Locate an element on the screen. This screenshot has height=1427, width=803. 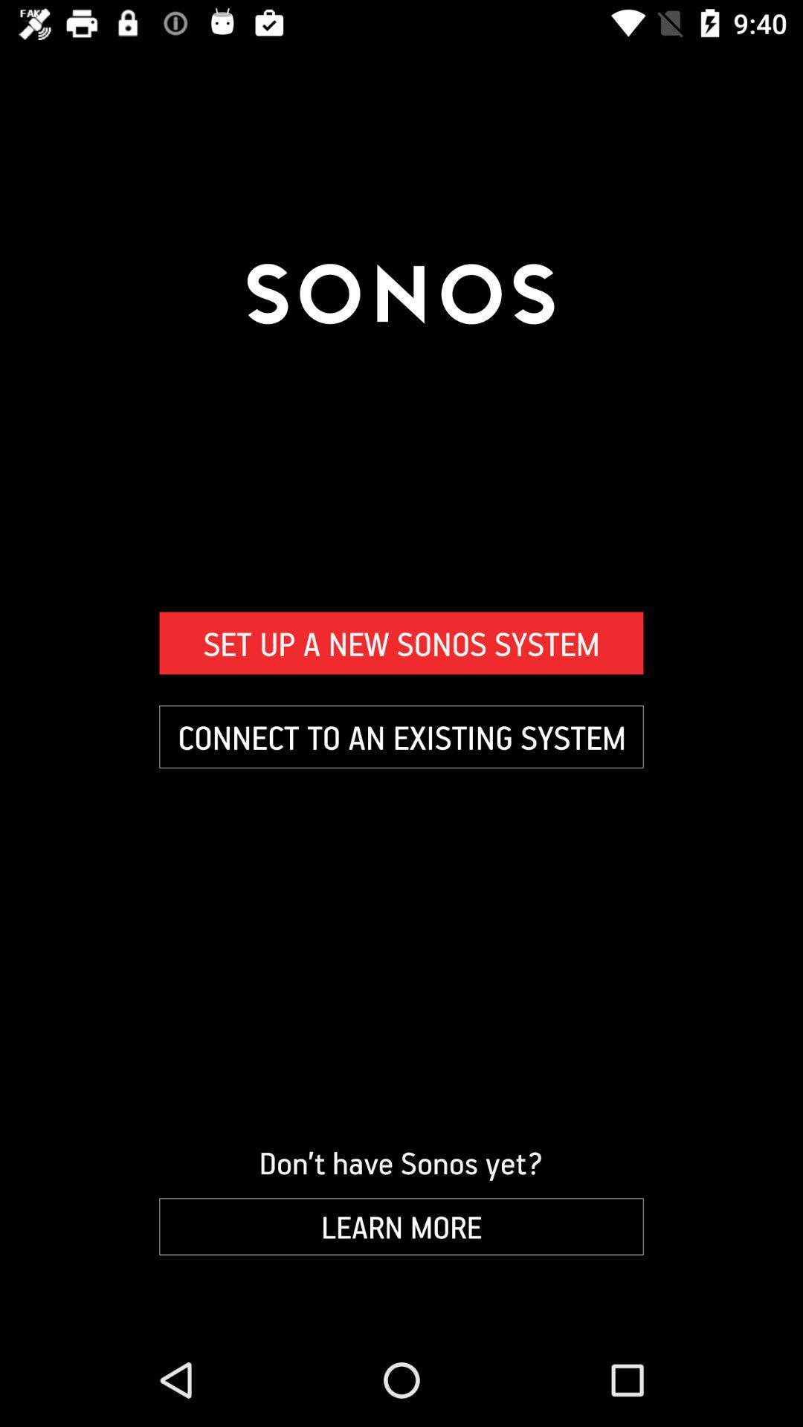
connect to an item is located at coordinates (401, 737).